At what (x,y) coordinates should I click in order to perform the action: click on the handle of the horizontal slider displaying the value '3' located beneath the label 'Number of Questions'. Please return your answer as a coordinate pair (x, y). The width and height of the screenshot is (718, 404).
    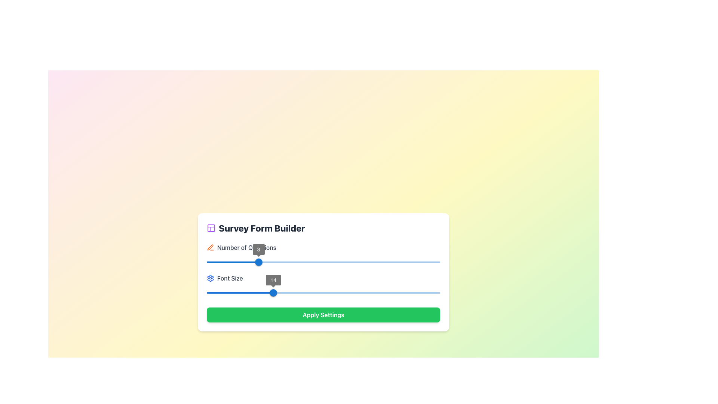
    Looking at the image, I should click on (323, 262).